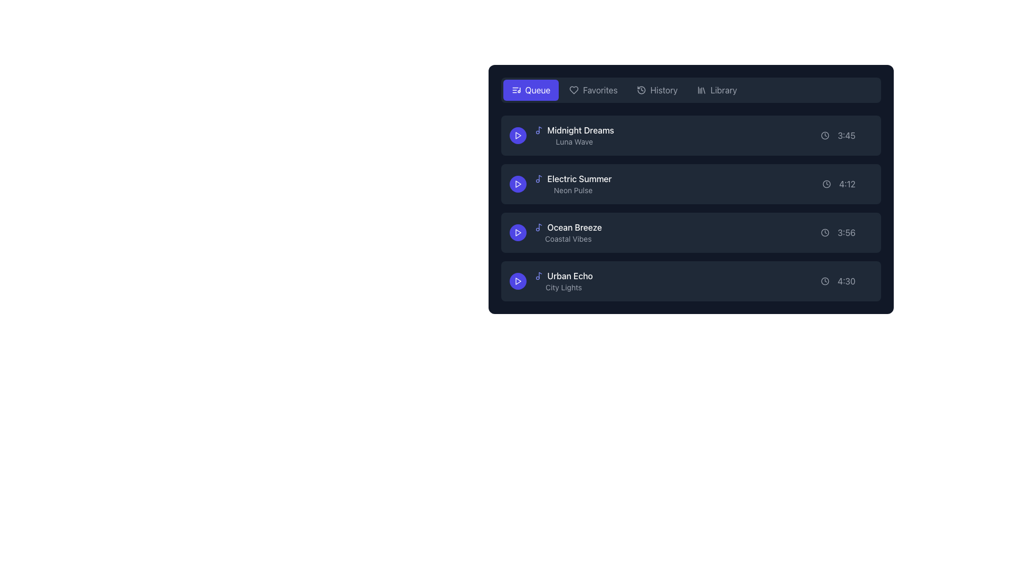  What do you see at coordinates (574, 135) in the screenshot?
I see `the first list item labeled 'Midnight Dreams' with the music note icon for advanced interaction` at bounding box center [574, 135].